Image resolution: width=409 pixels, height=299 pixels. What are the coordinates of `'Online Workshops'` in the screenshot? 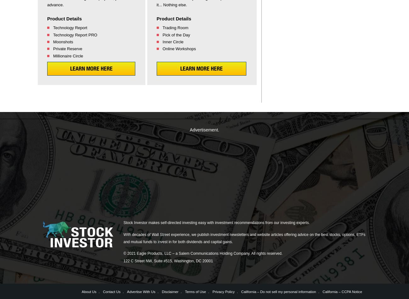 It's located at (179, 48).